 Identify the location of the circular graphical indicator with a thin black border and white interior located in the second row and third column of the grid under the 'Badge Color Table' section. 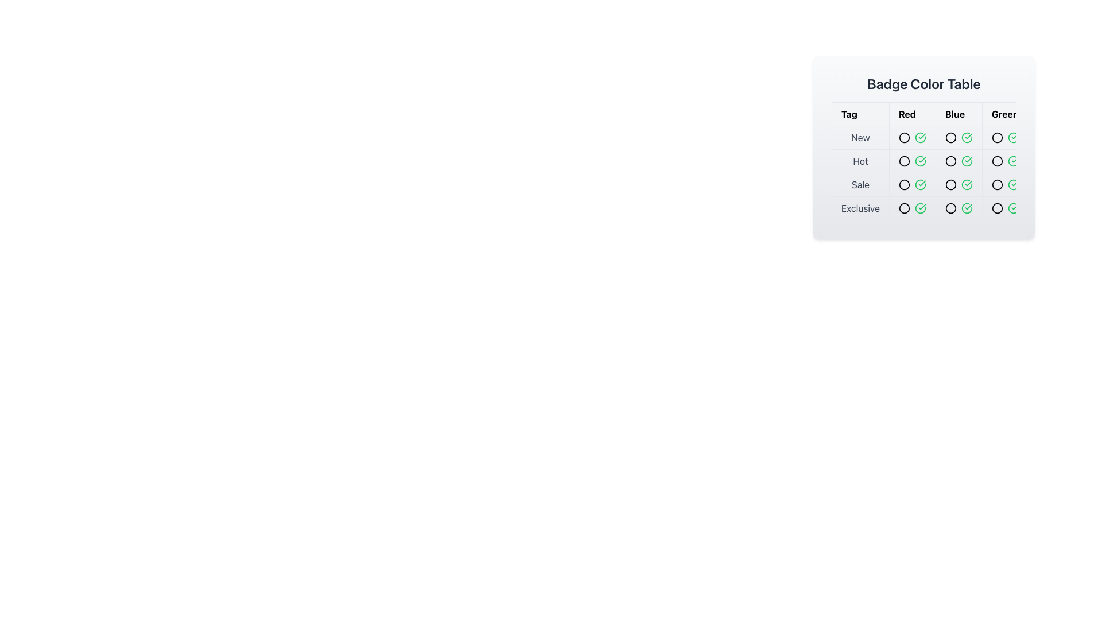
(954, 173).